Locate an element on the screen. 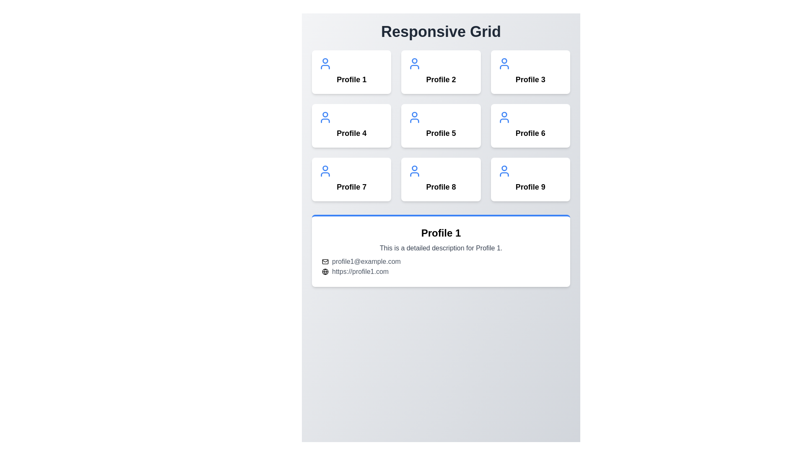  the text label that serves as a title for the user profile card located in the top-left corner of the grid layout is located at coordinates (351, 79).